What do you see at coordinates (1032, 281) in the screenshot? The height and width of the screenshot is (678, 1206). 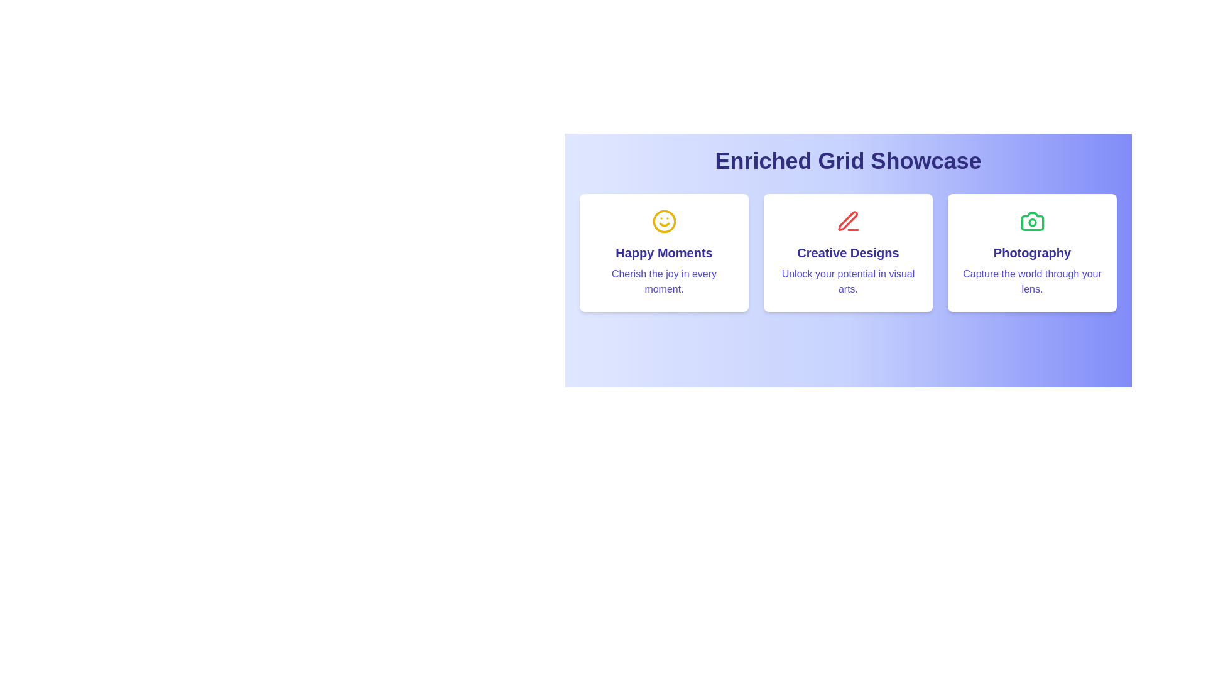 I see `descriptive text label located at the bottom of the 'Photography' card in the grid layout, which provides context and engagement for users` at bounding box center [1032, 281].